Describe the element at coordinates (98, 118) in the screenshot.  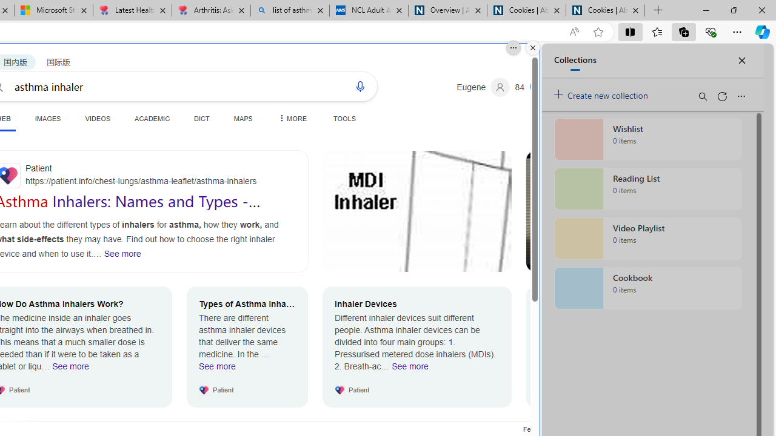
I see `'VIDEOS'` at that location.